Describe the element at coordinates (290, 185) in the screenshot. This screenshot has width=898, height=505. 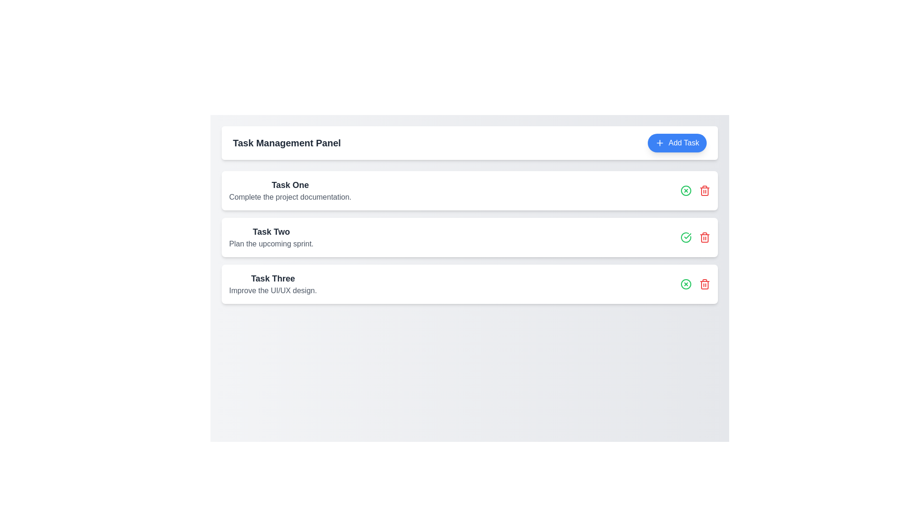
I see `the text label that reads 'Task One', which is styled with bold and larger font size, positioned at the top of the list under 'Task Management Panel'` at that location.